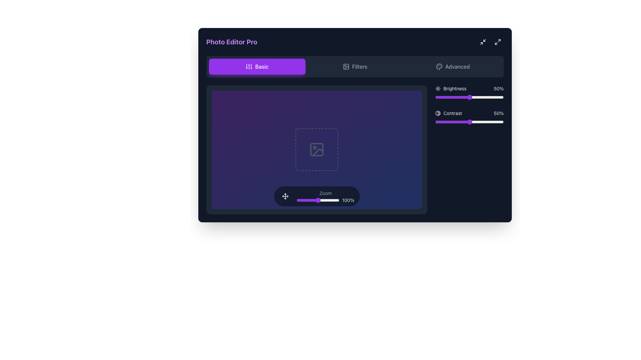 The width and height of the screenshot is (641, 360). What do you see at coordinates (306, 200) in the screenshot?
I see `the zoom level` at bounding box center [306, 200].